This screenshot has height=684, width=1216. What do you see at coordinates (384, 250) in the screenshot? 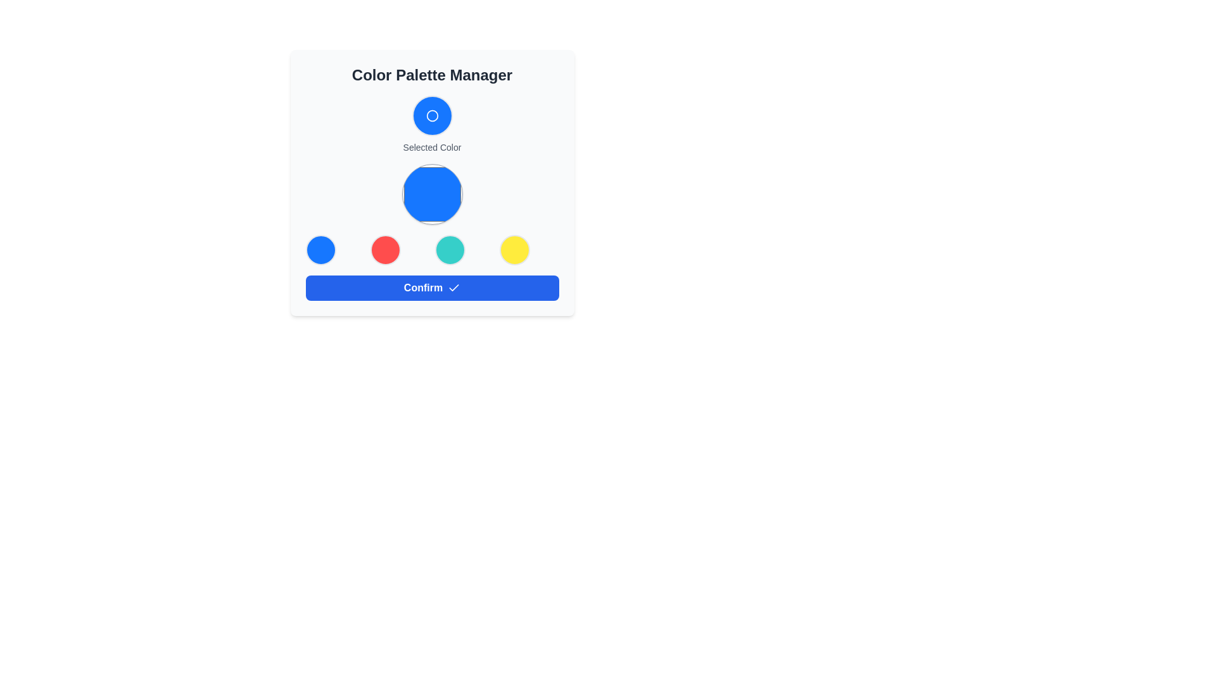
I see `the second circular color selection button` at bounding box center [384, 250].